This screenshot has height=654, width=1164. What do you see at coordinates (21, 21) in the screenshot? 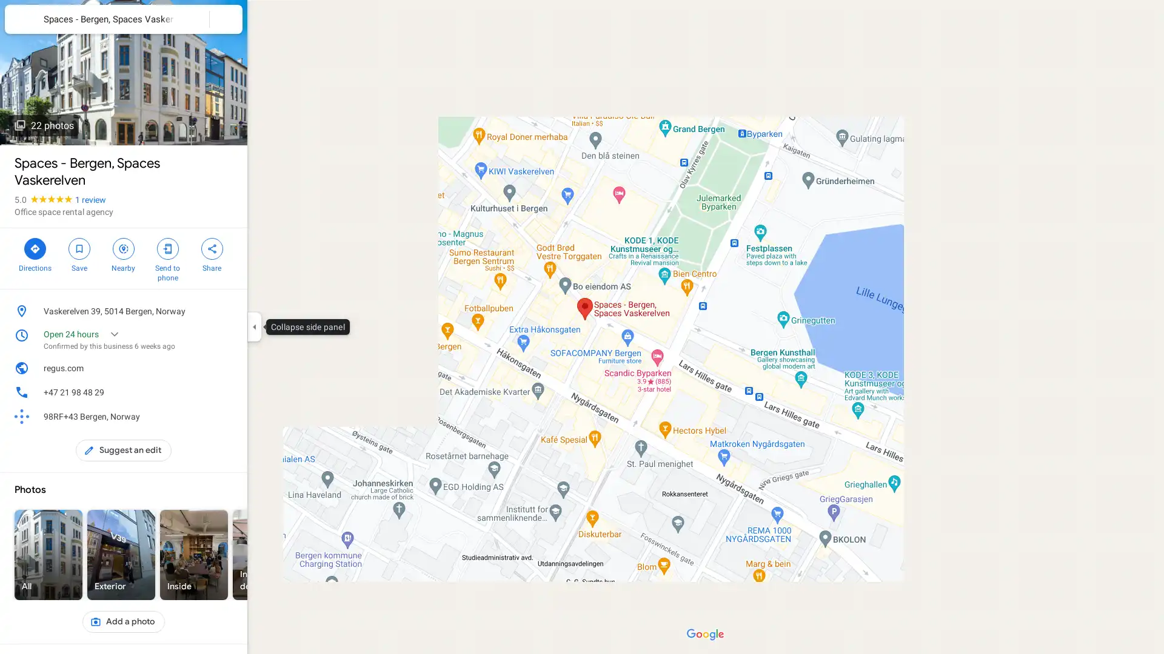
I see `Menu` at bounding box center [21, 21].